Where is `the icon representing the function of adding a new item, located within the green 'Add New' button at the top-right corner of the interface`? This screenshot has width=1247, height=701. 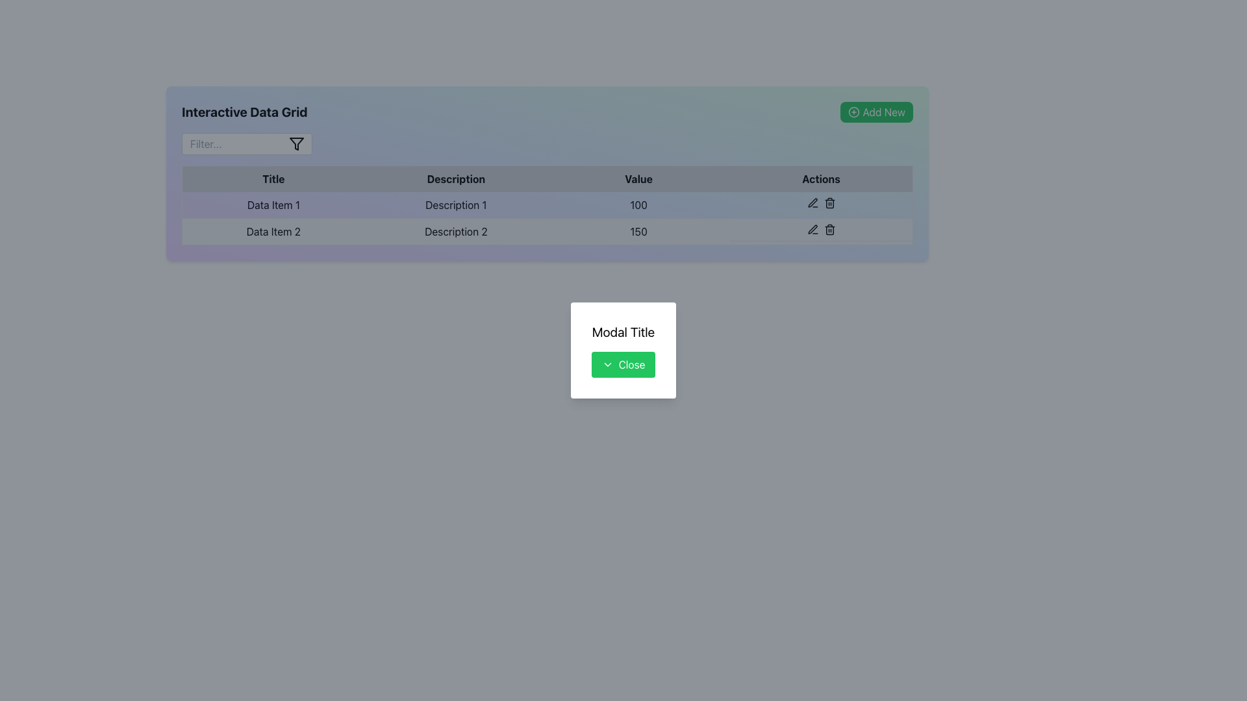 the icon representing the function of adding a new item, located within the green 'Add New' button at the top-right corner of the interface is located at coordinates (854, 112).